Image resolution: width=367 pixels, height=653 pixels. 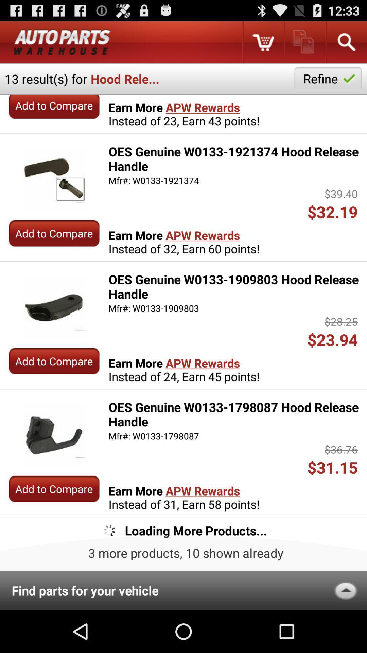 What do you see at coordinates (346, 45) in the screenshot?
I see `the search icon` at bounding box center [346, 45].